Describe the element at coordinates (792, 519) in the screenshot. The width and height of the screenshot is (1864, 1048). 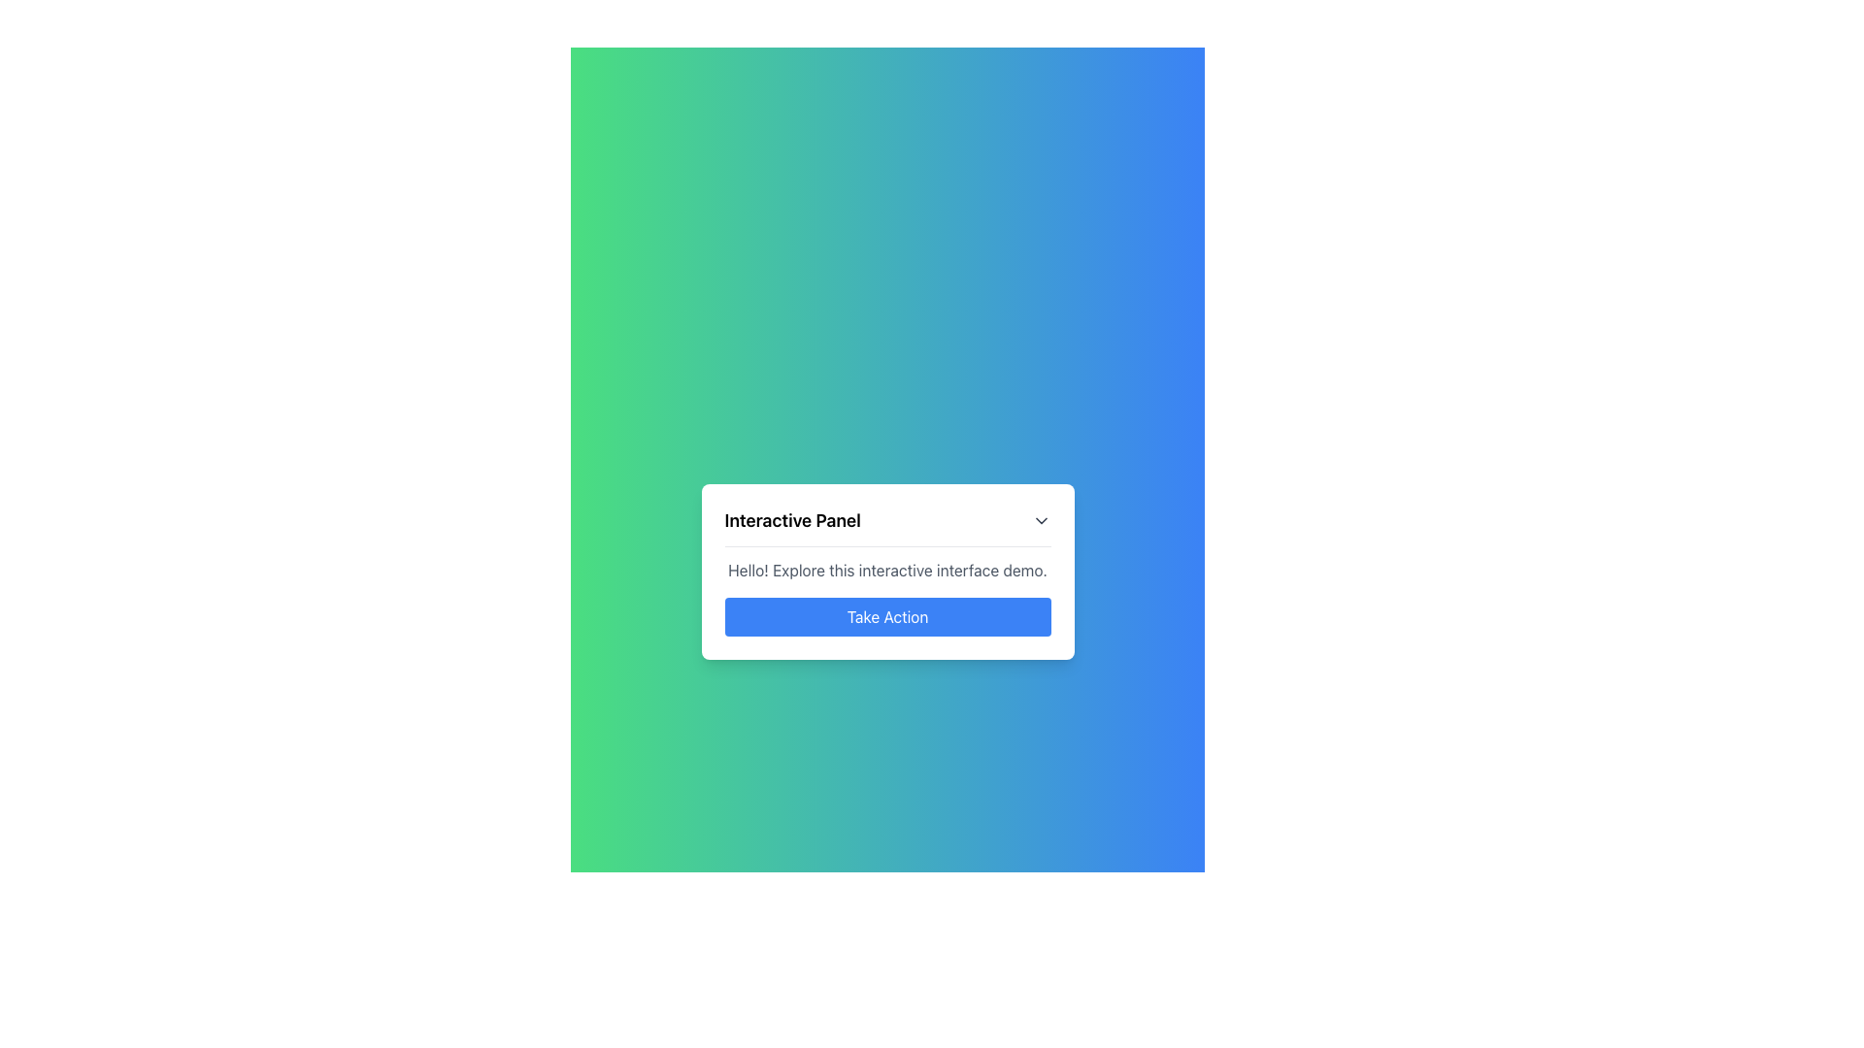
I see `the text label displaying 'Interactive Panel' which is styled with a bold font at the top-left section of a card-like panel` at that location.